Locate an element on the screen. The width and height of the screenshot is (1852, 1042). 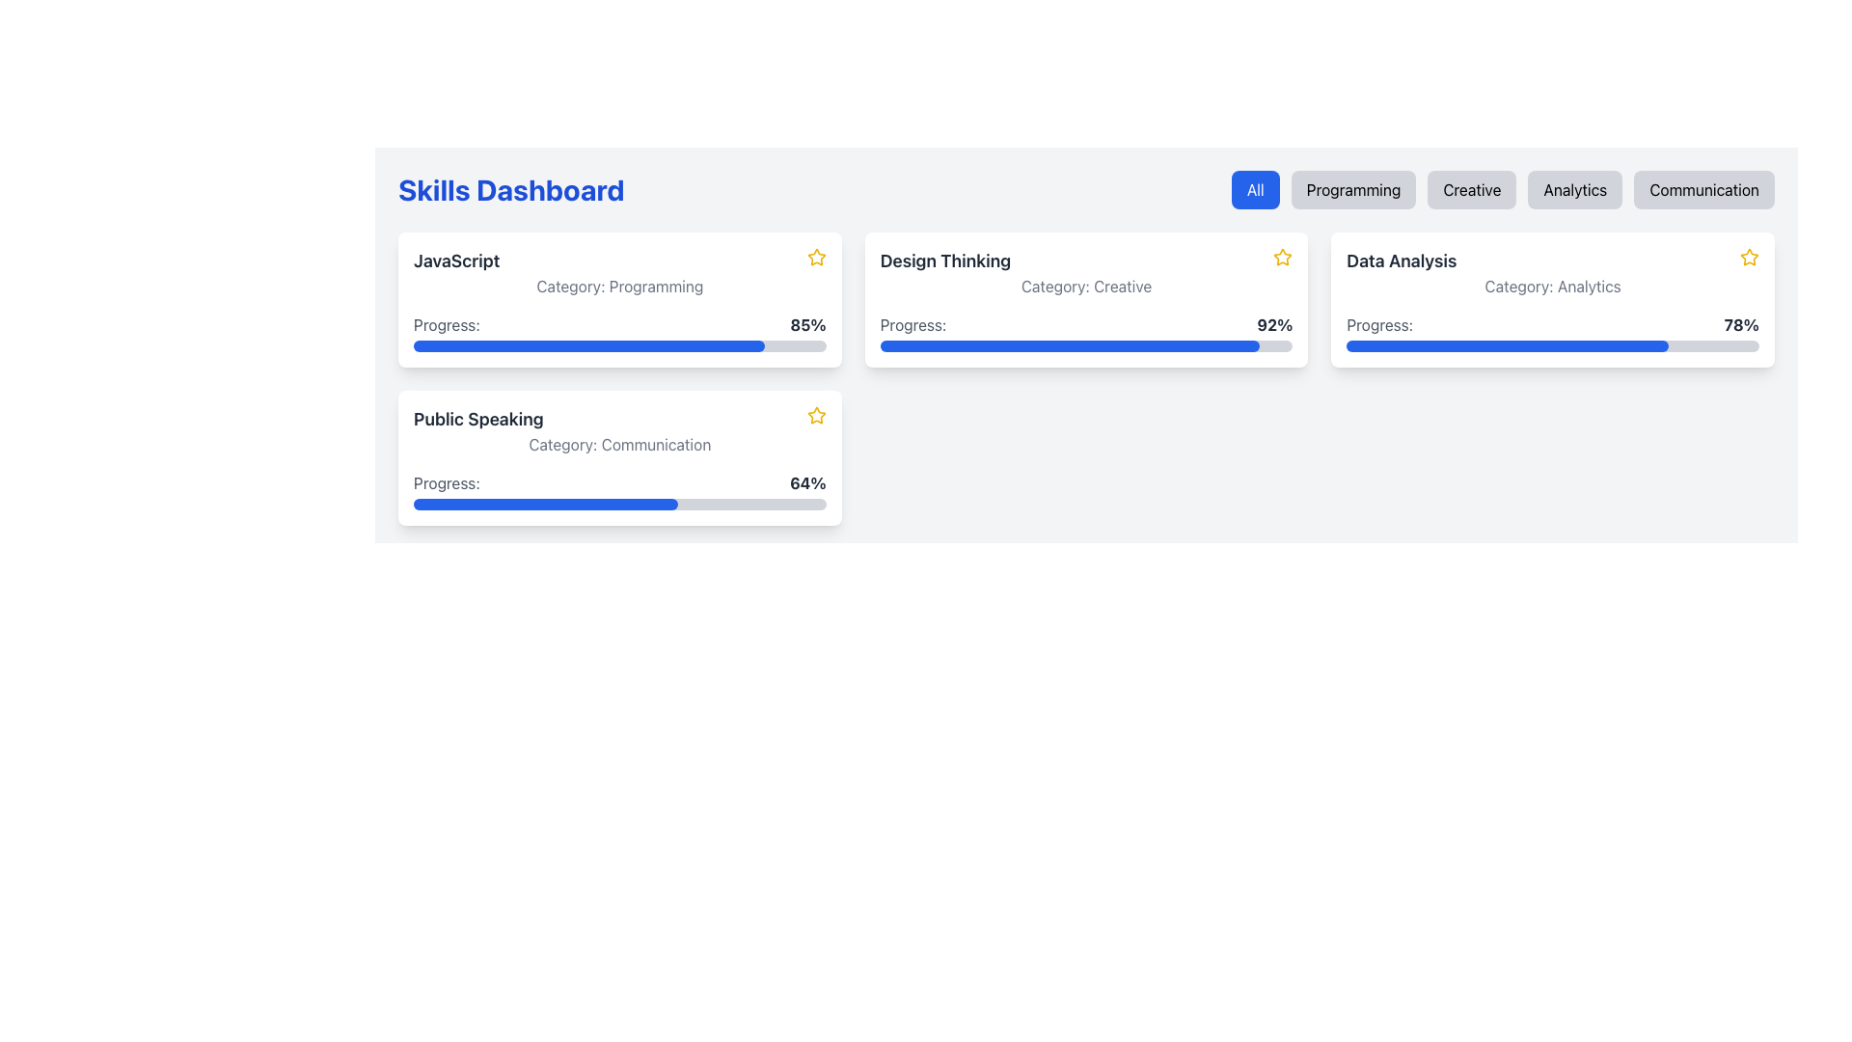
the solid yellow star icon located to the right of the 'Data Analysis' section's title to mark the item as favorite is located at coordinates (1750, 256).